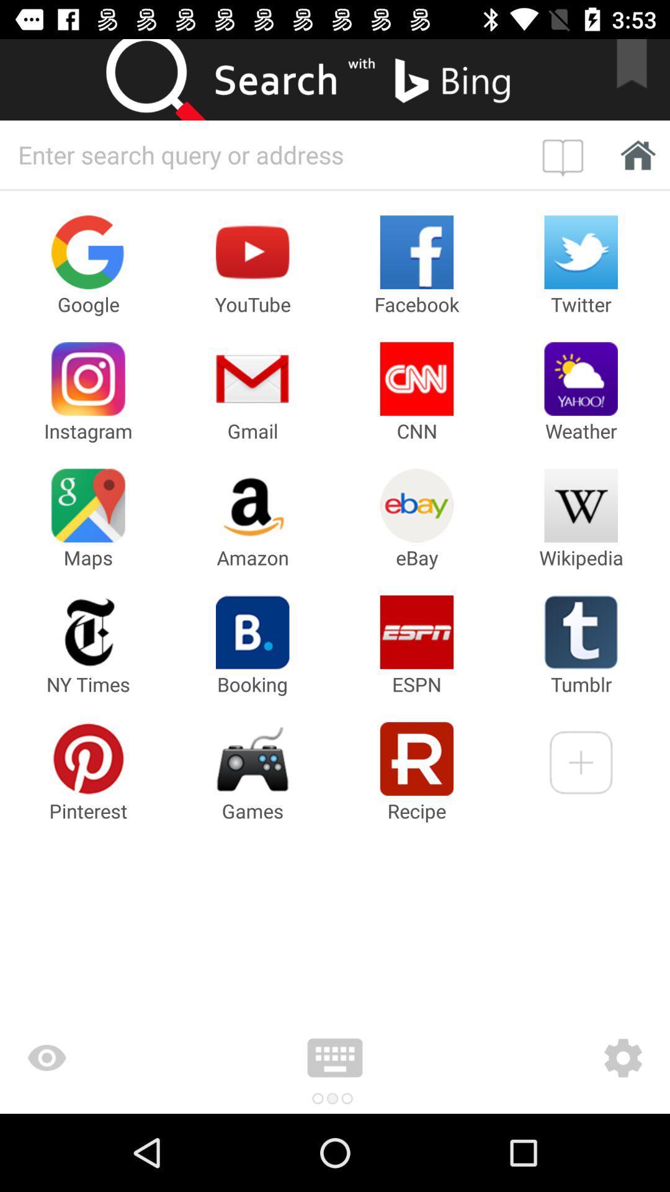 This screenshot has width=670, height=1192. Describe the element at coordinates (566, 154) in the screenshot. I see `the book icon` at that location.